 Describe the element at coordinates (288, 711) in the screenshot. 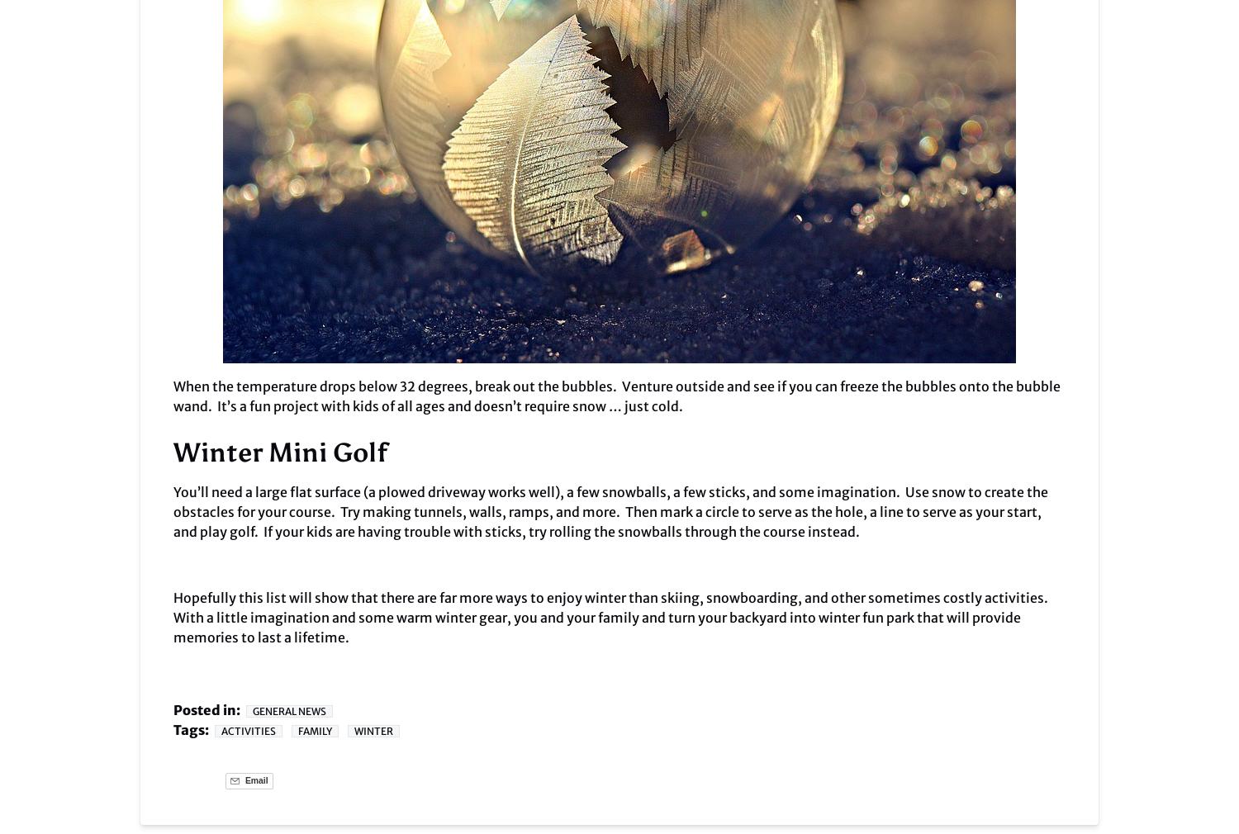

I see `'General News'` at that location.